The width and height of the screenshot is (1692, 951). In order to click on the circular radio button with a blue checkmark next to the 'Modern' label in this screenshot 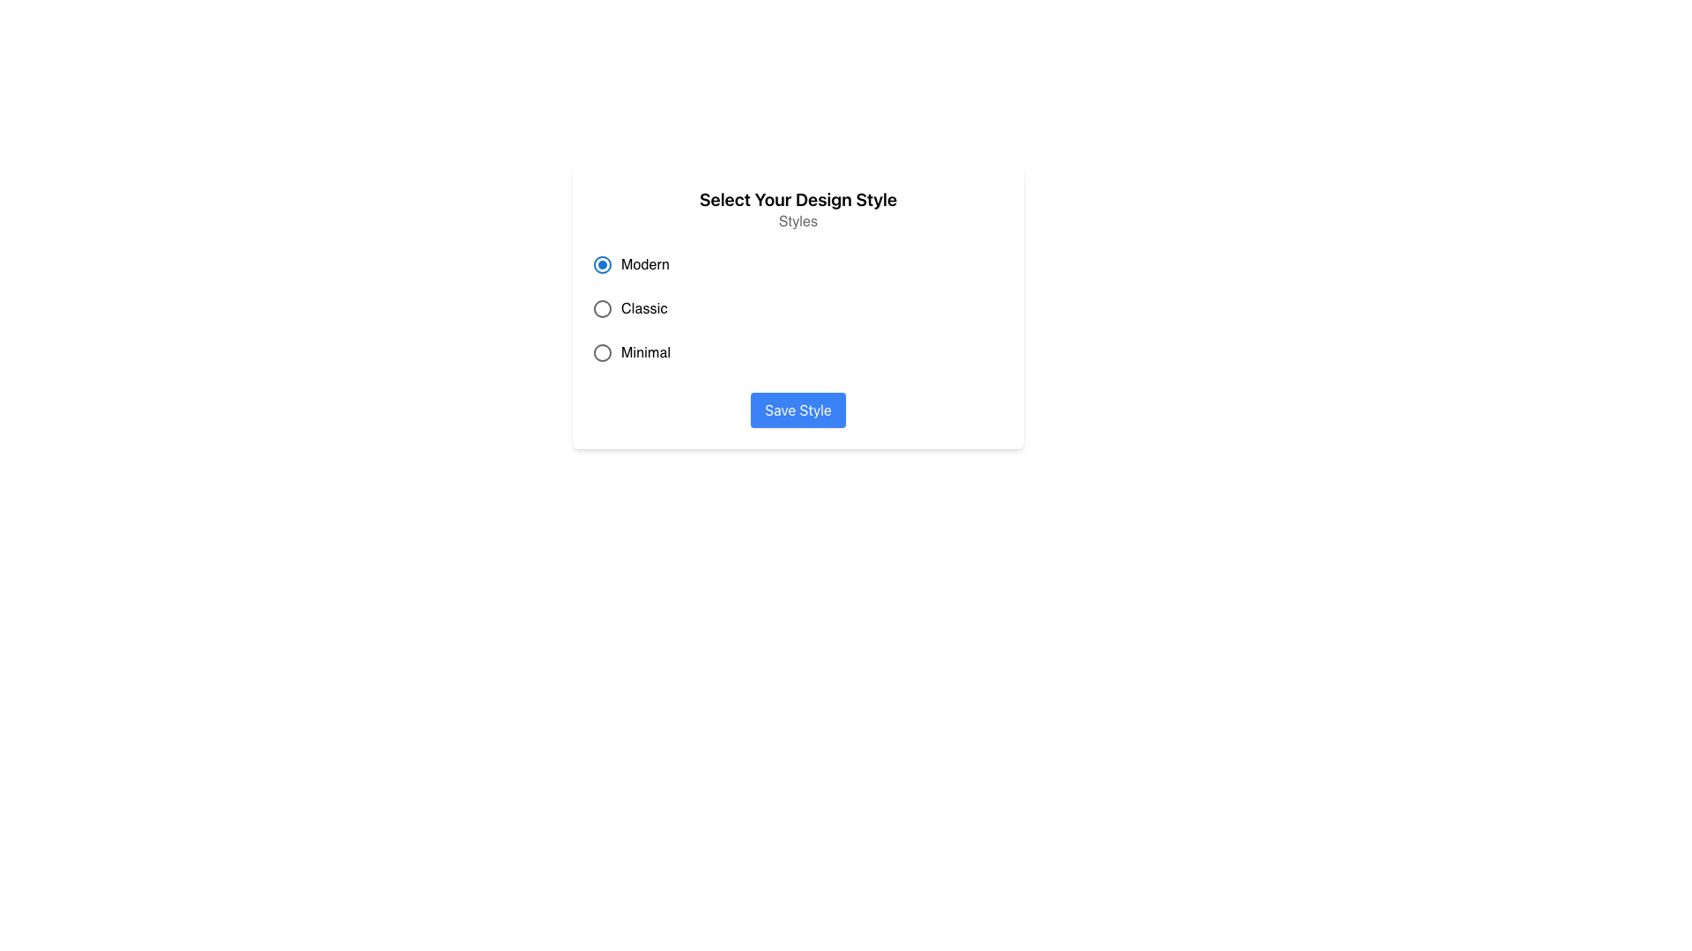, I will do `click(603, 264)`.